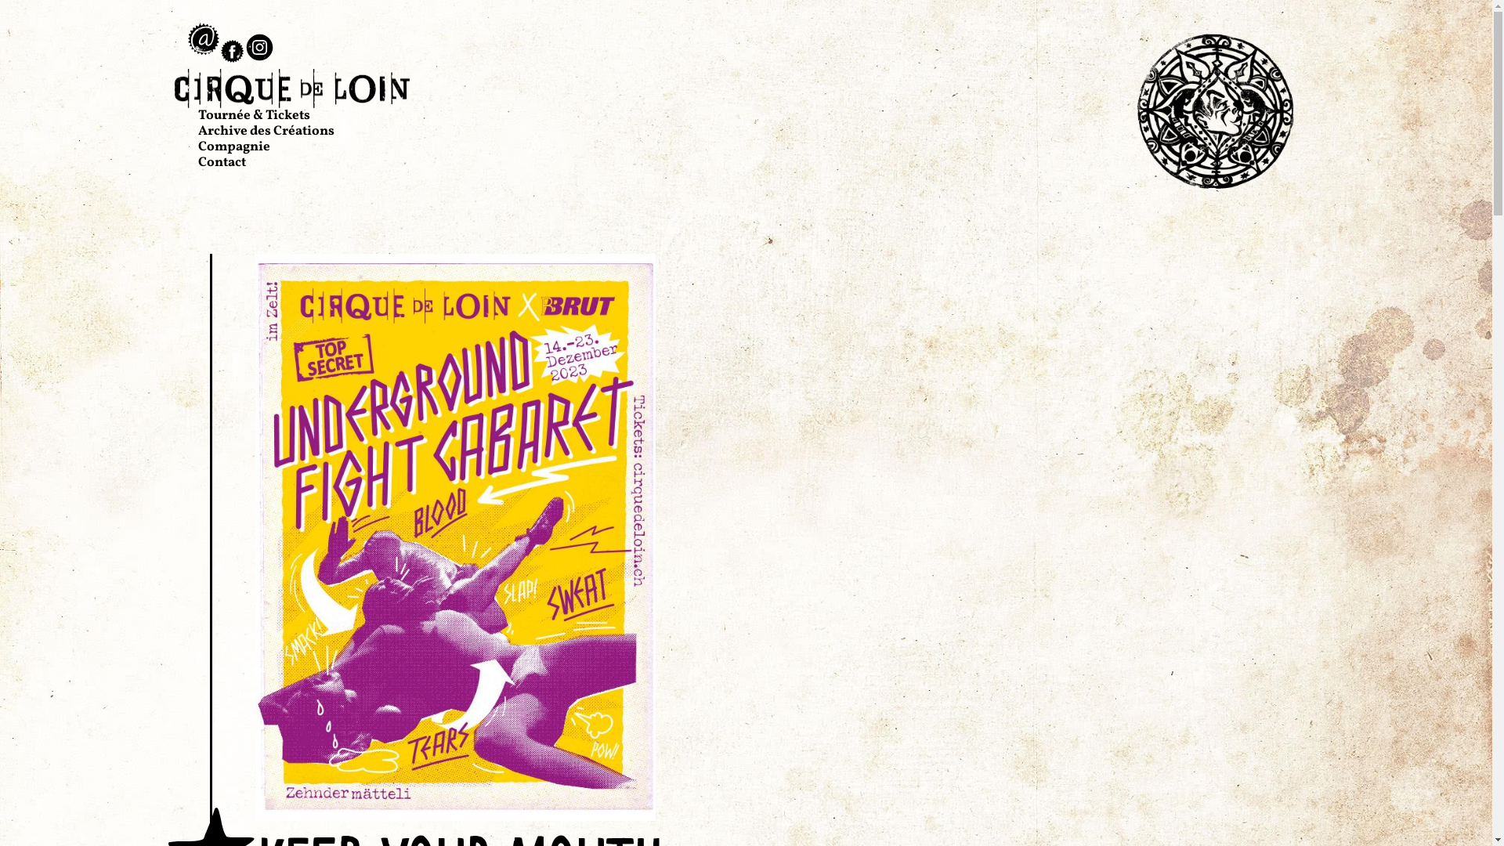  I want to click on 'Compagnie', so click(232, 146).